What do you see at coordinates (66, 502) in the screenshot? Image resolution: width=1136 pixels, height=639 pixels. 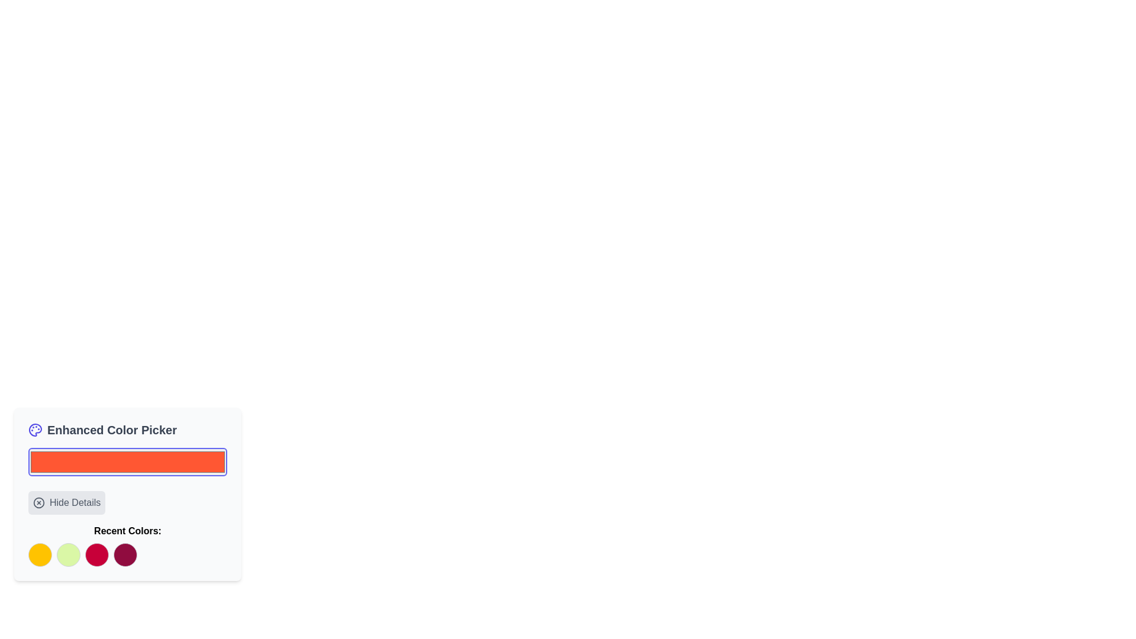 I see `the toggle button located near the top of the 'Recent Colors' section` at bounding box center [66, 502].